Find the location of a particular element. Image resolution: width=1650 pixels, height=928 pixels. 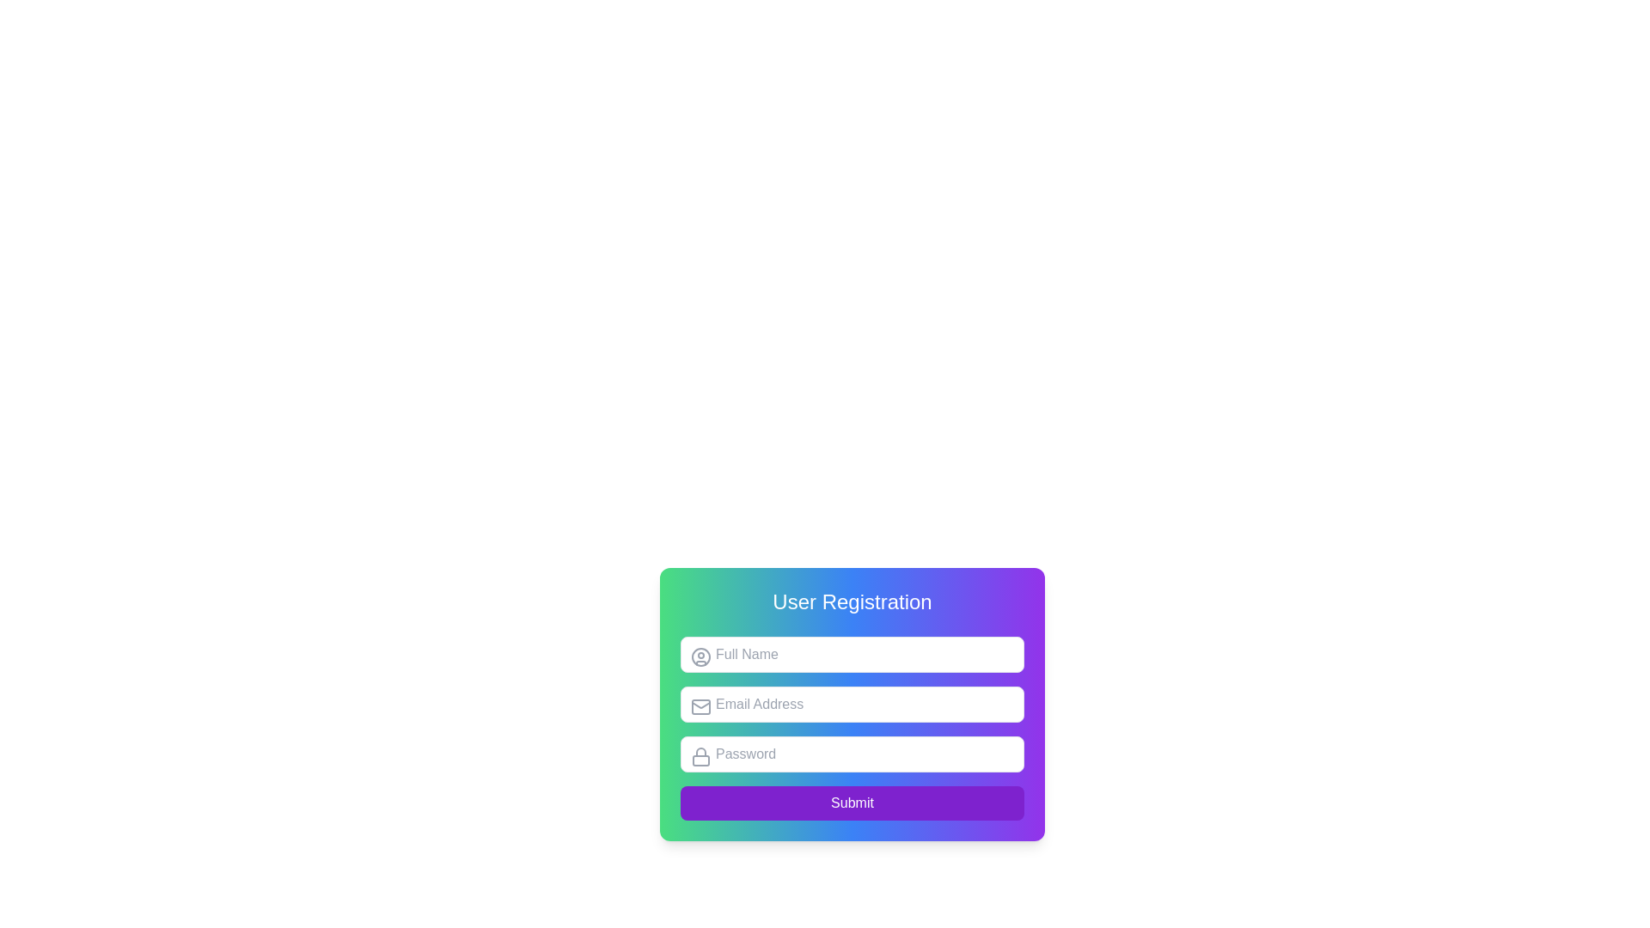

the lock icon within the SVG that represents security, located to the left of the 'Password' input field in the 'User Registration' form is located at coordinates (701, 751).